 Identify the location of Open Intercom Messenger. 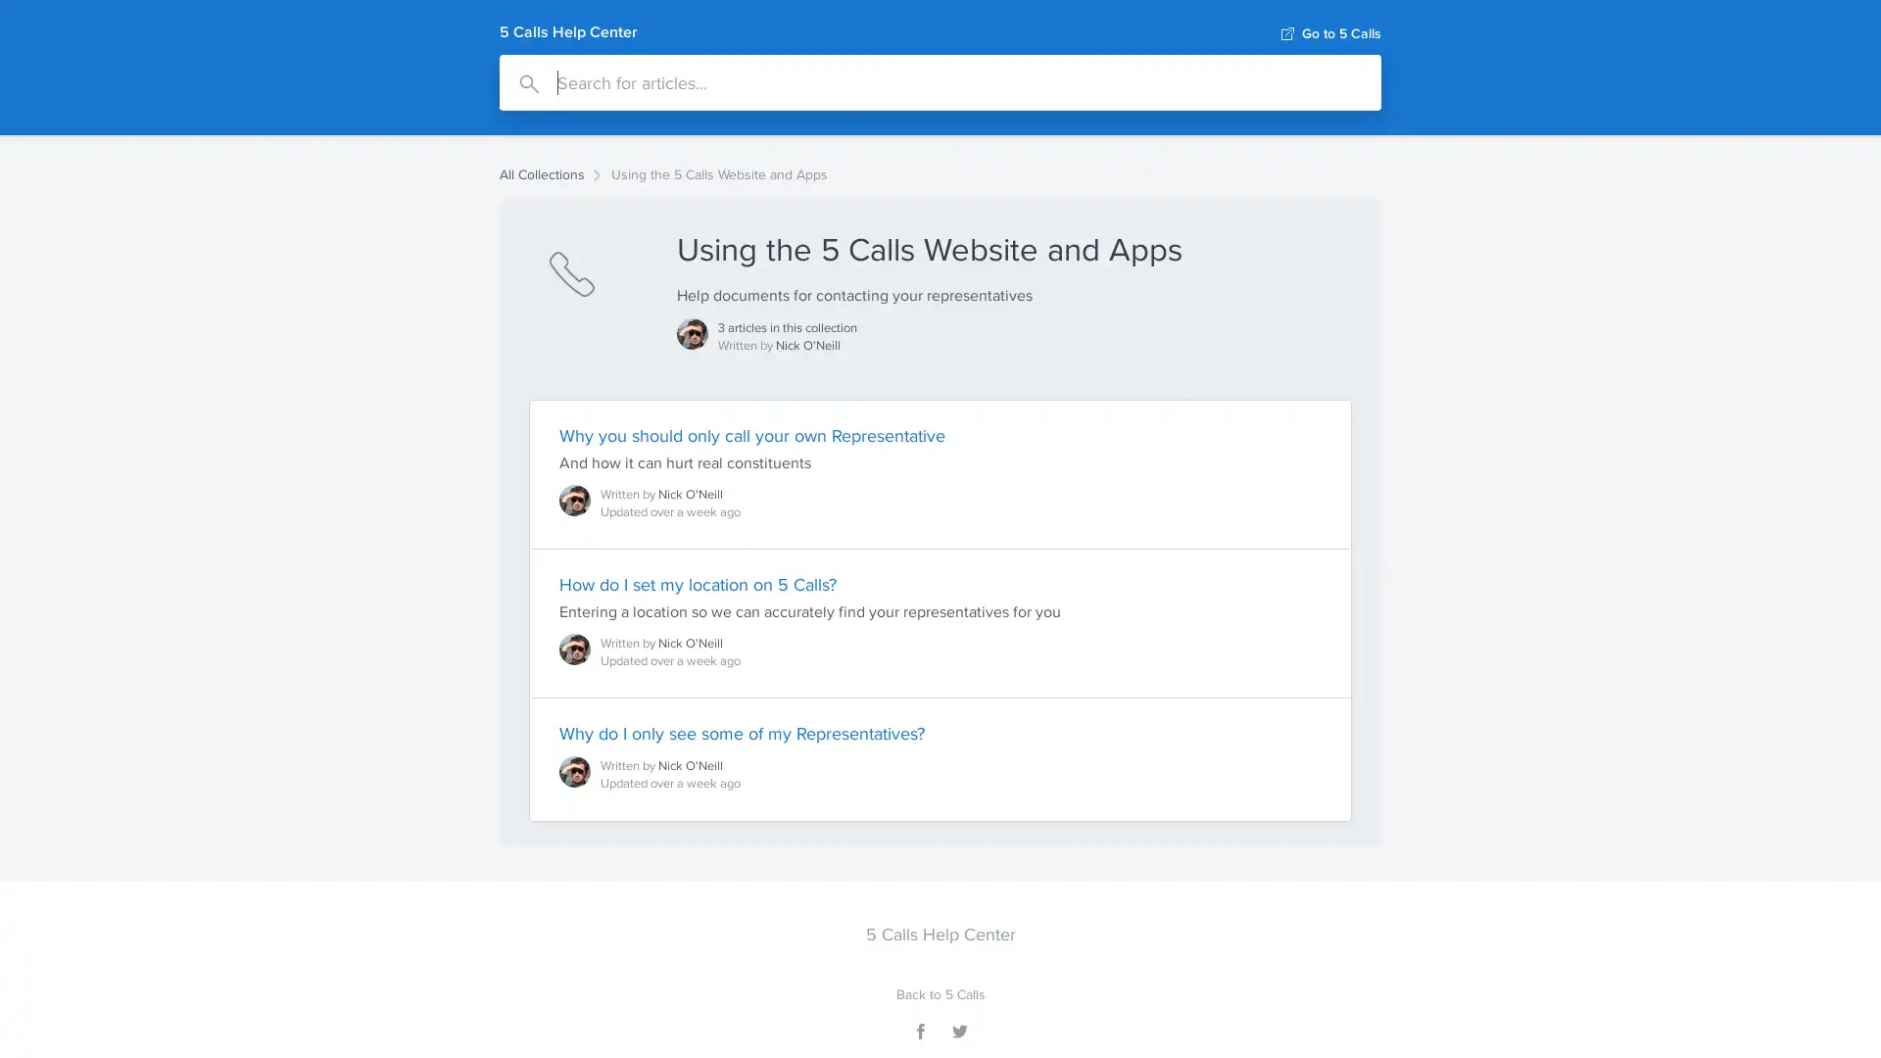
(1831, 1008).